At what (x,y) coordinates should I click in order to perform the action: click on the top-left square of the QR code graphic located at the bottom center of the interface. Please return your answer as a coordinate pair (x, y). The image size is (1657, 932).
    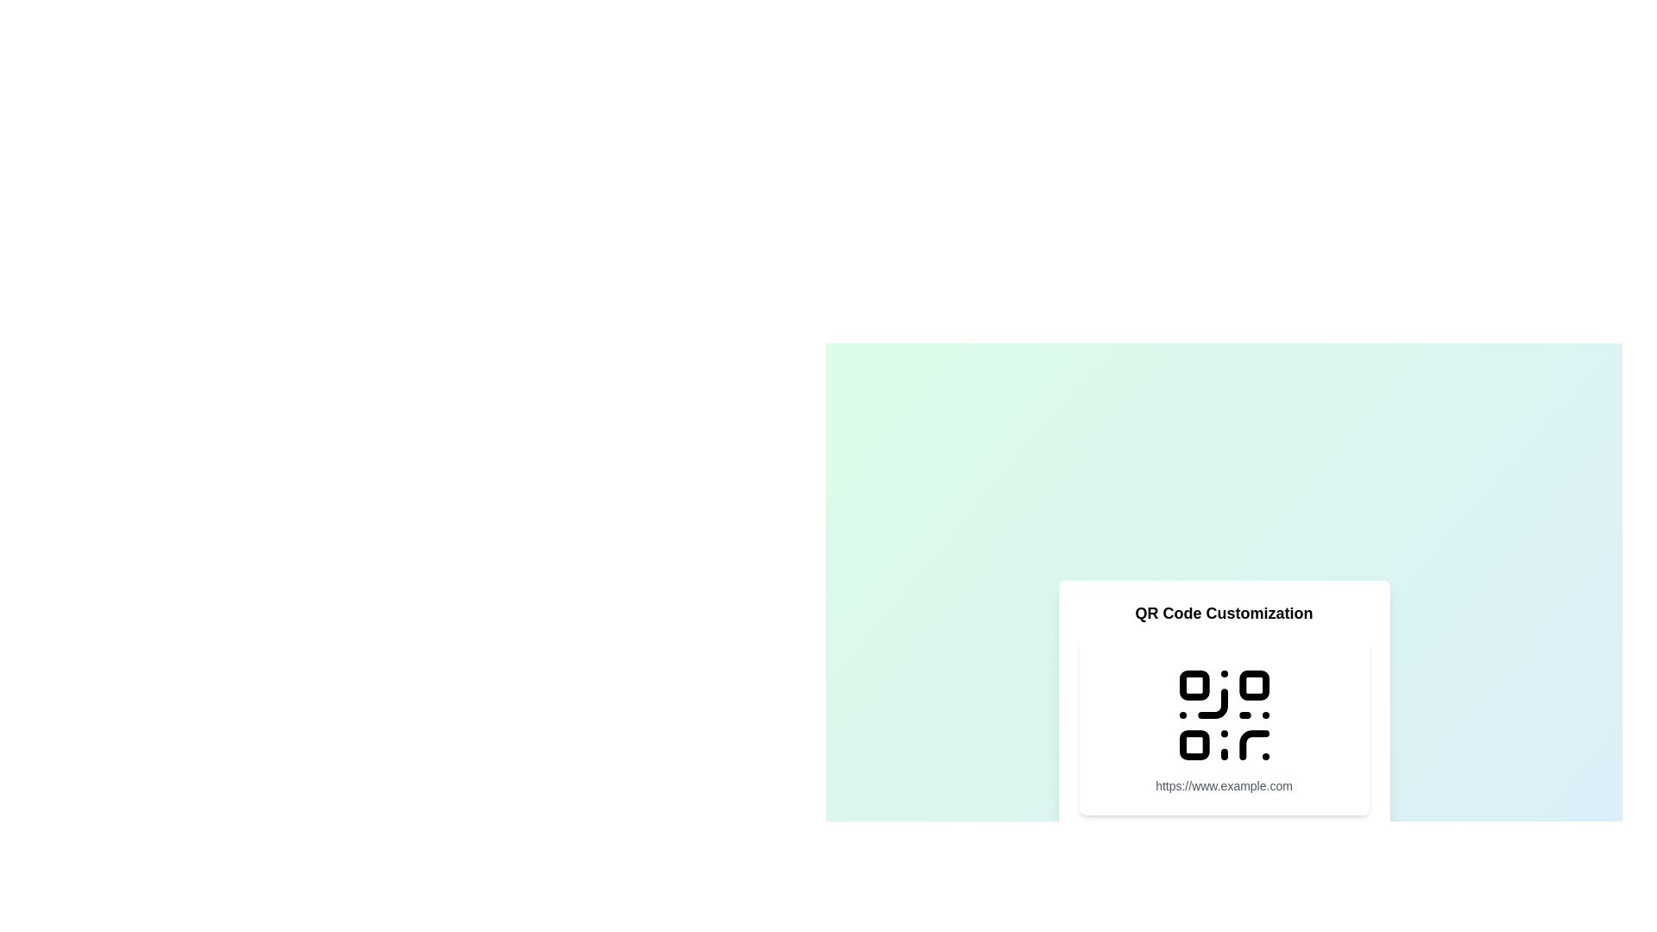
    Looking at the image, I should click on (1193, 683).